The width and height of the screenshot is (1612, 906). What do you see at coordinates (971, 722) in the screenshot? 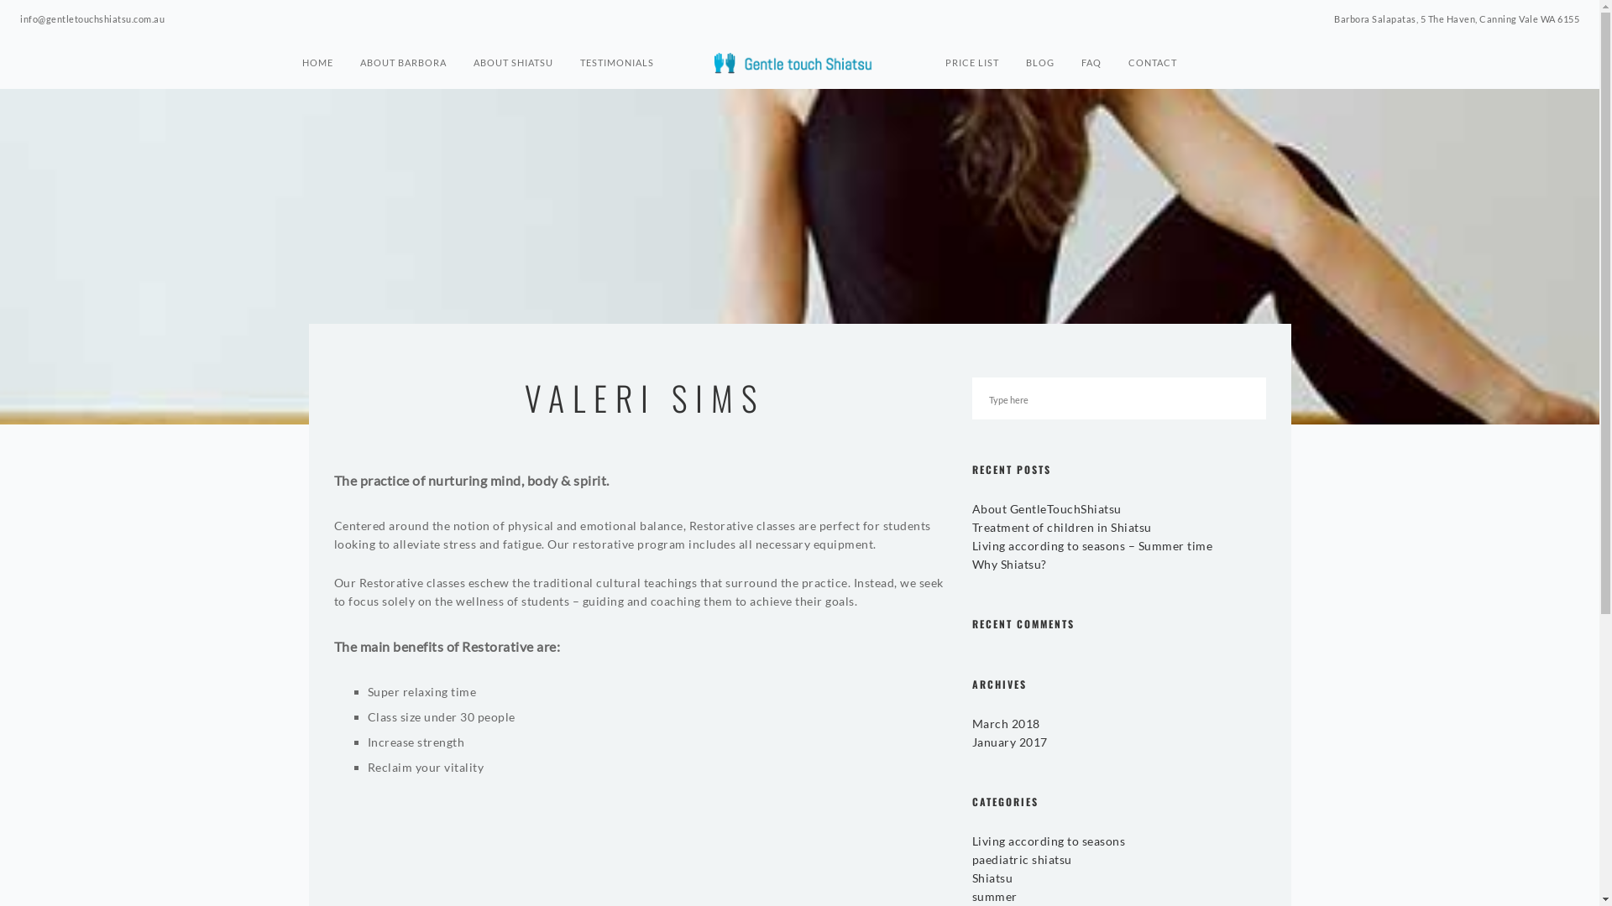
I see `'March 2018'` at bounding box center [971, 722].